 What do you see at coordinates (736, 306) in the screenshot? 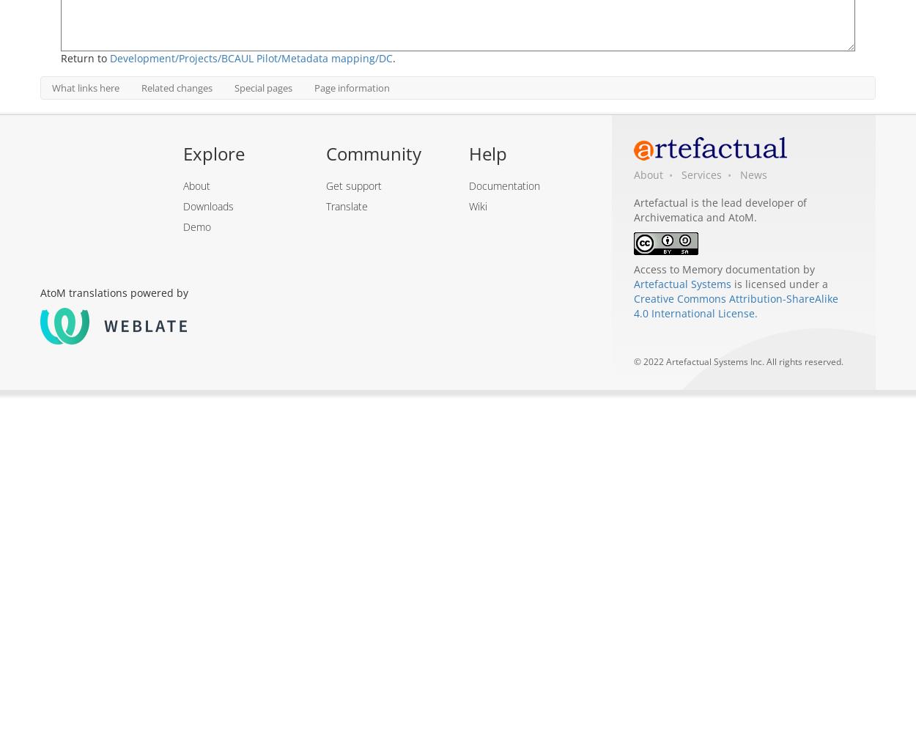
I see `'Creative Commons Attribution-ShareAlike 4.0 International License'` at bounding box center [736, 306].